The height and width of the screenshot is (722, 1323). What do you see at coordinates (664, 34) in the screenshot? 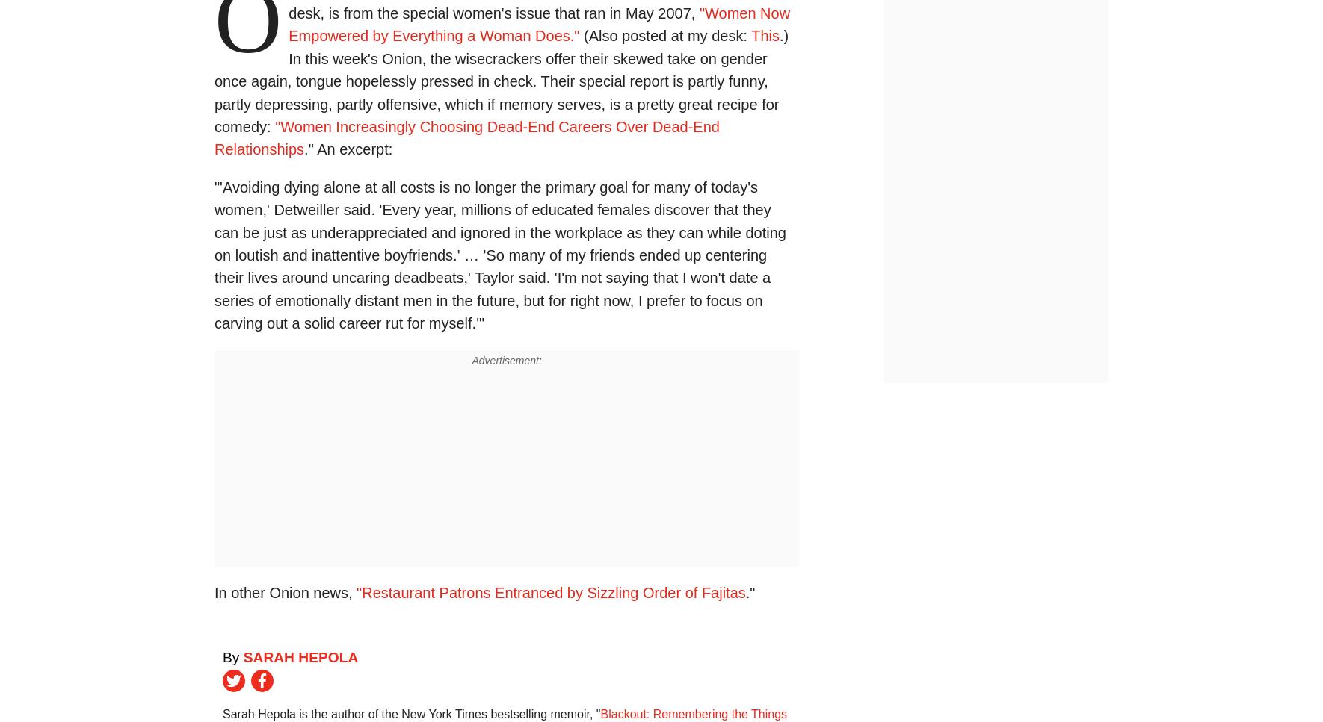
I see `'(Also posted at my desk:'` at bounding box center [664, 34].